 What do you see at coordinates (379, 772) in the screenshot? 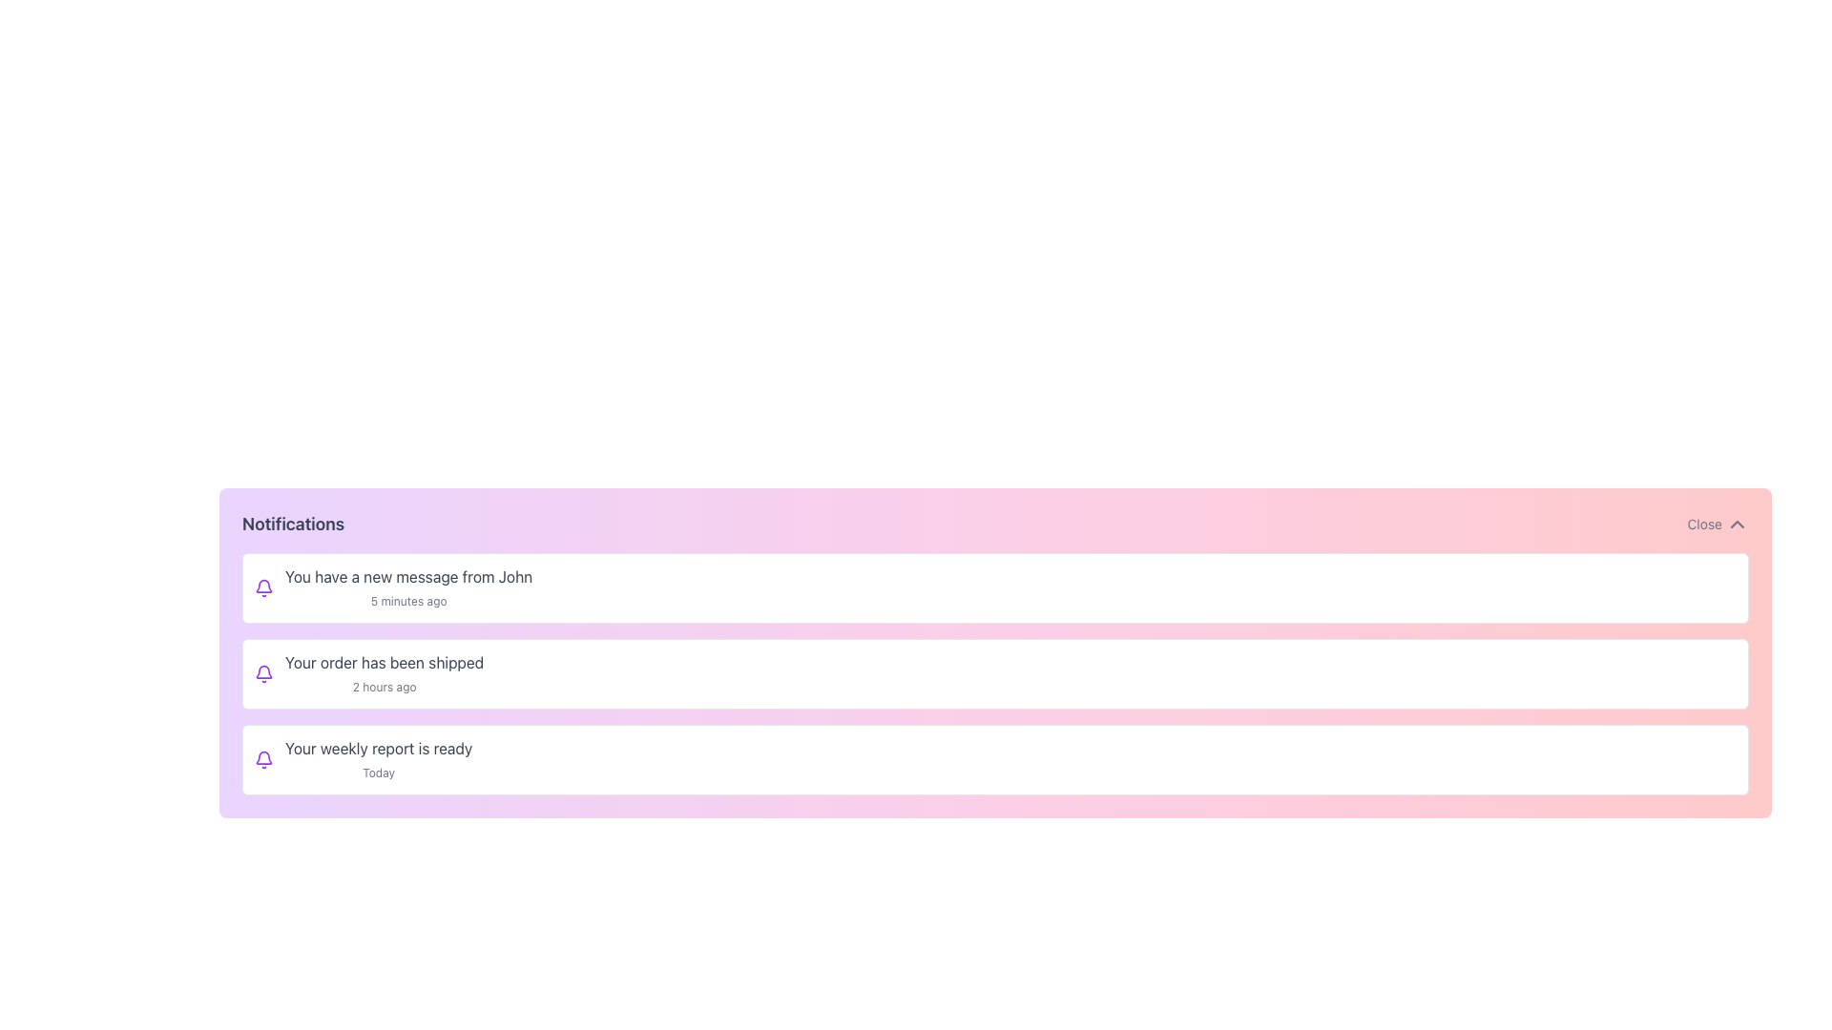
I see `the timestamp text label located in the bottom-right of the notification card displaying 'Your weekly report is ready'` at bounding box center [379, 772].